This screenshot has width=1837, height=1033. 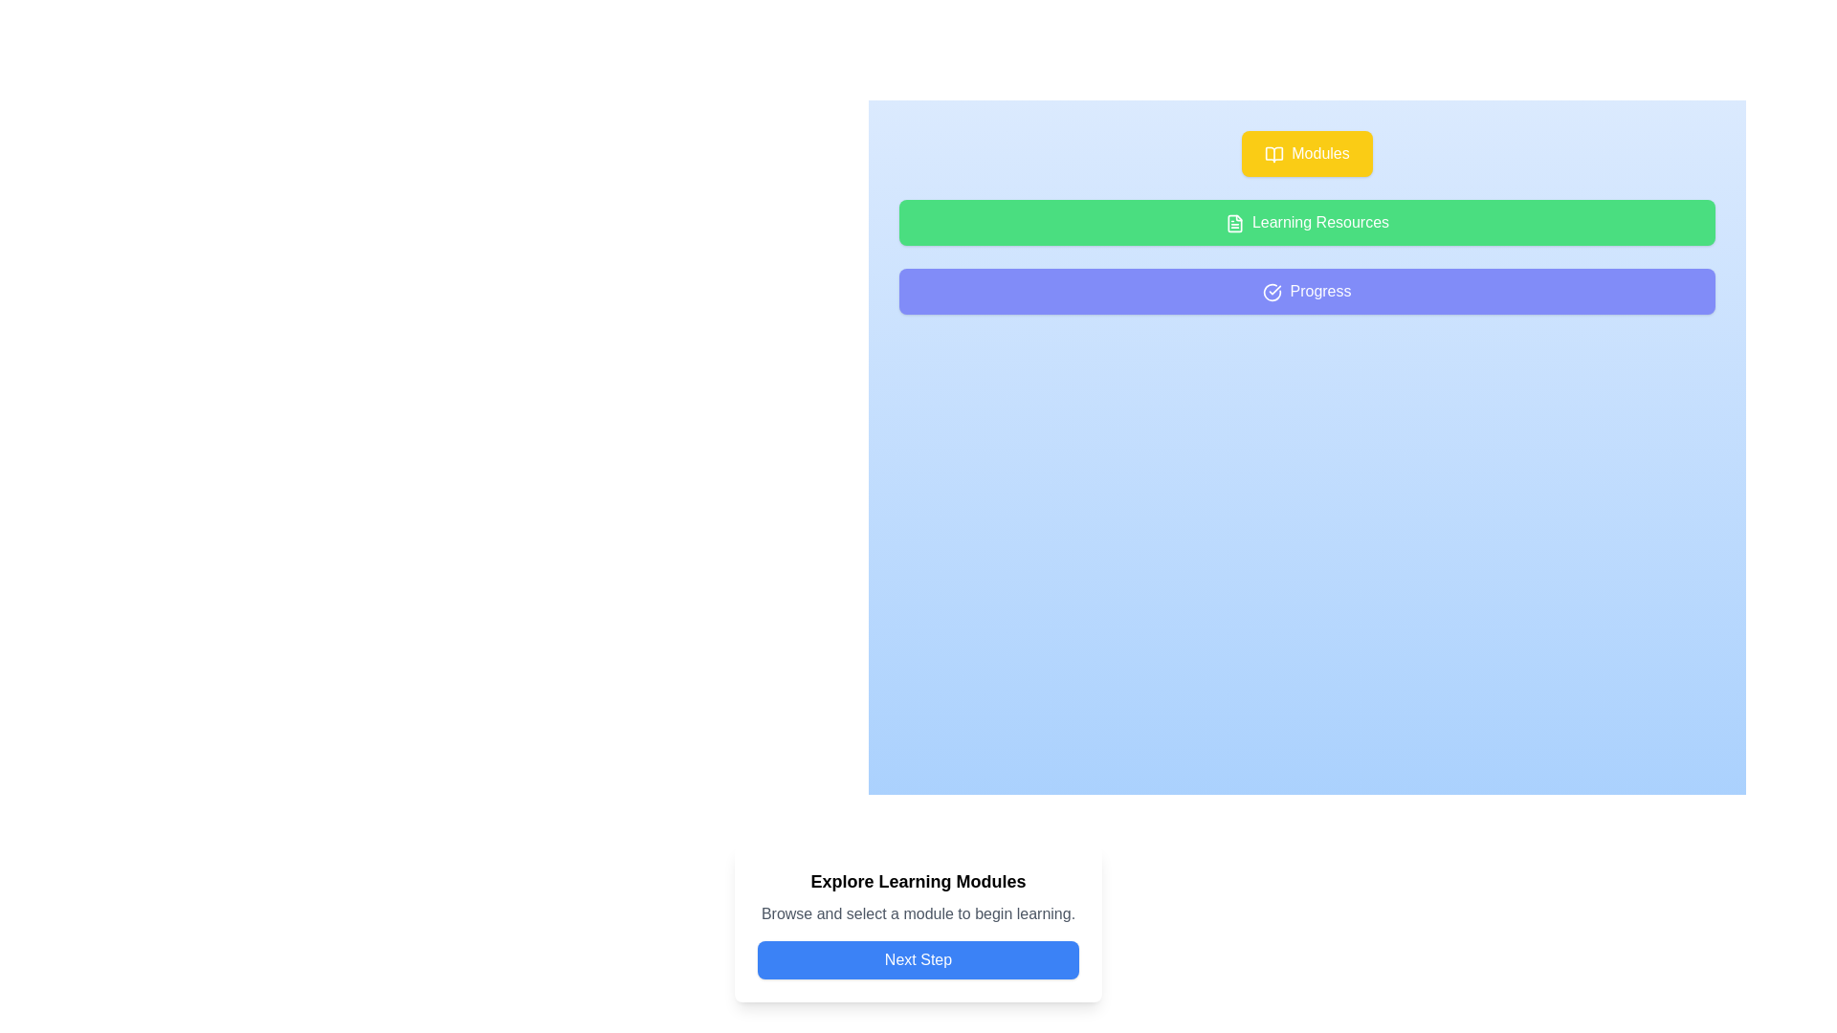 What do you see at coordinates (1306, 221) in the screenshot?
I see `the 'Learning Resources' button, which is the second button in a vertical sequence of three buttons, located below the yellow 'Modules' button and above the blue 'Progress' button` at bounding box center [1306, 221].